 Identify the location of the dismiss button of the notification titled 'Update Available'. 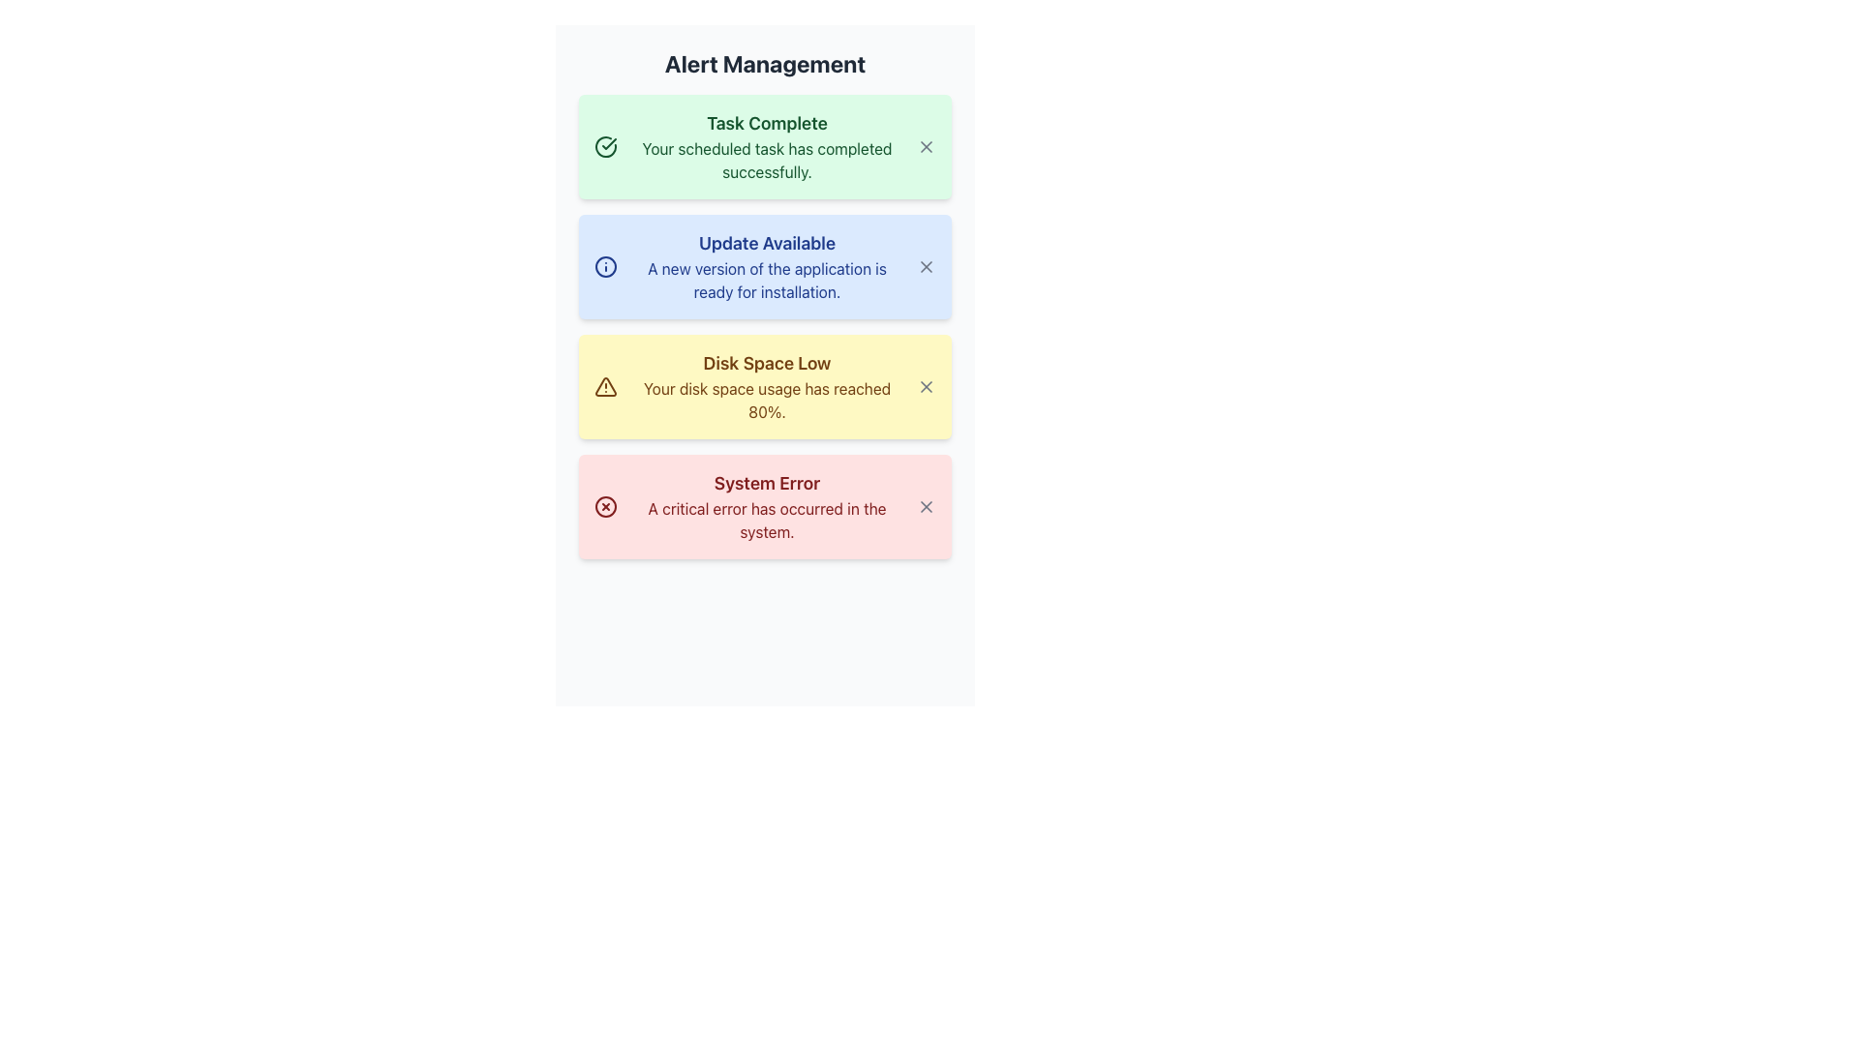
(925, 267).